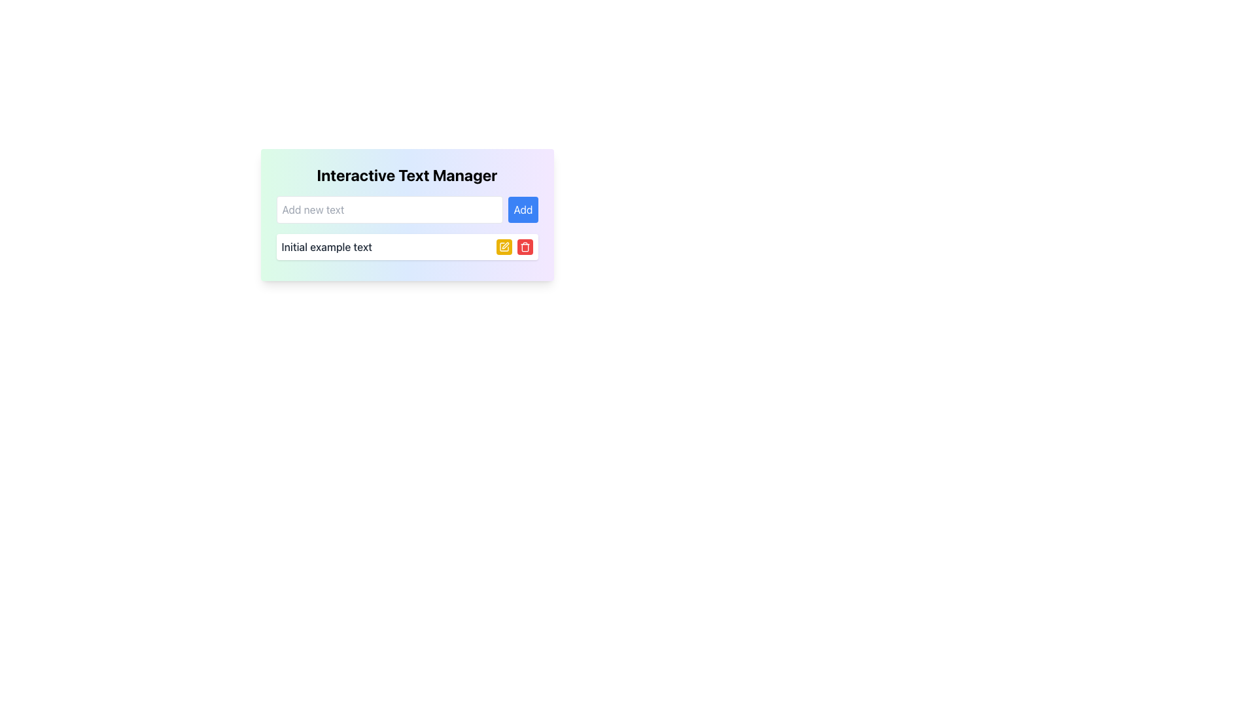  Describe the element at coordinates (504, 245) in the screenshot. I see `the pen-like SVG icon located within the 'Interactive Text Manager' interface` at that location.